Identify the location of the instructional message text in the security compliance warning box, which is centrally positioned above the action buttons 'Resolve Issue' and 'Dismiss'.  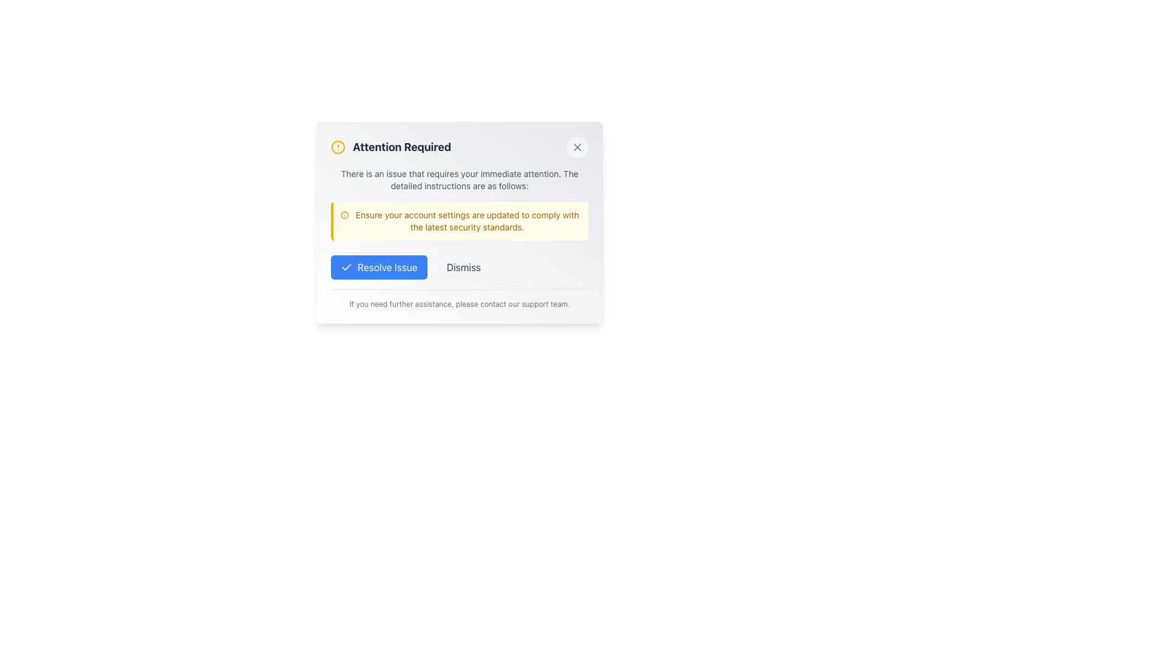
(466, 221).